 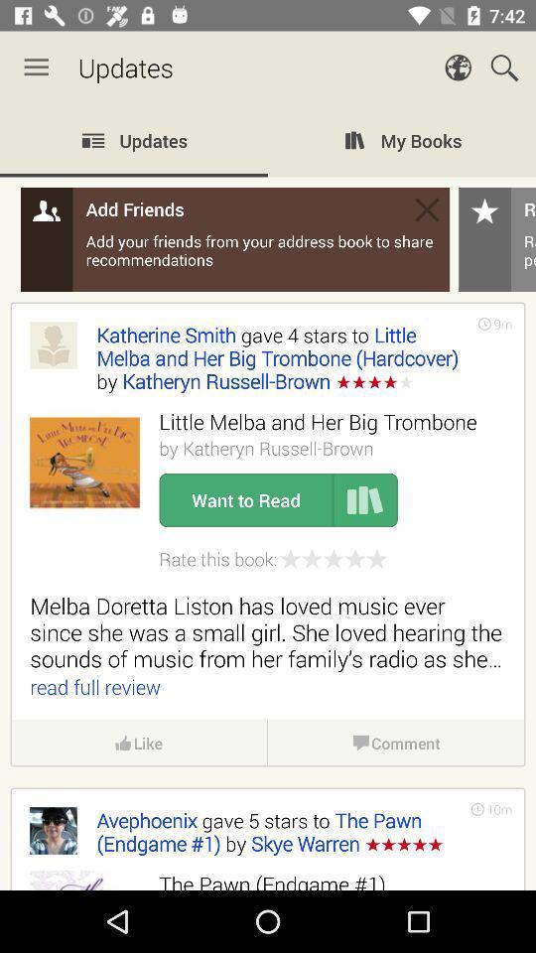 I want to click on the item next to the updates item, so click(x=36, y=68).